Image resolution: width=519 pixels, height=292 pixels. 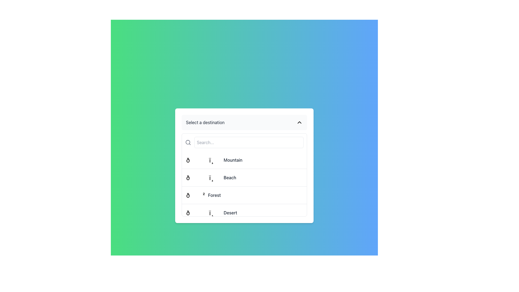 I want to click on the 'Beach' option in the second row of the 'Select a destination' list, located between 'Mountain' and 'Forest', so click(x=211, y=177).